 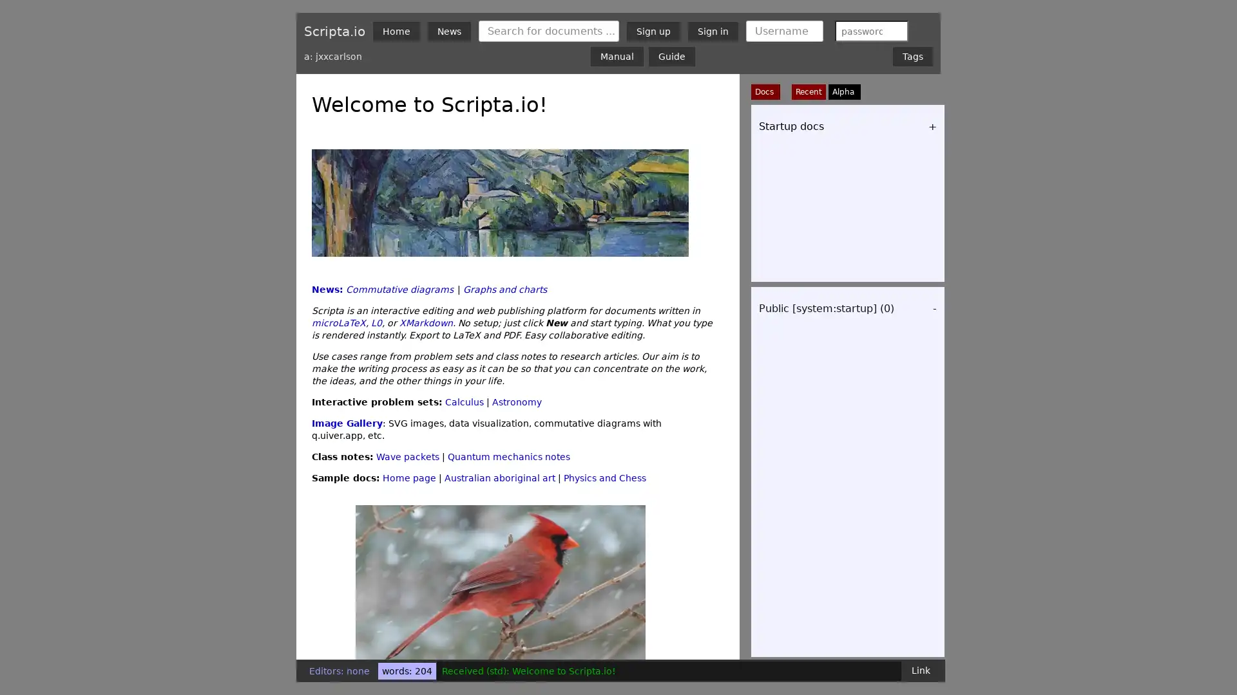 I want to click on Calculus, so click(x=464, y=401).